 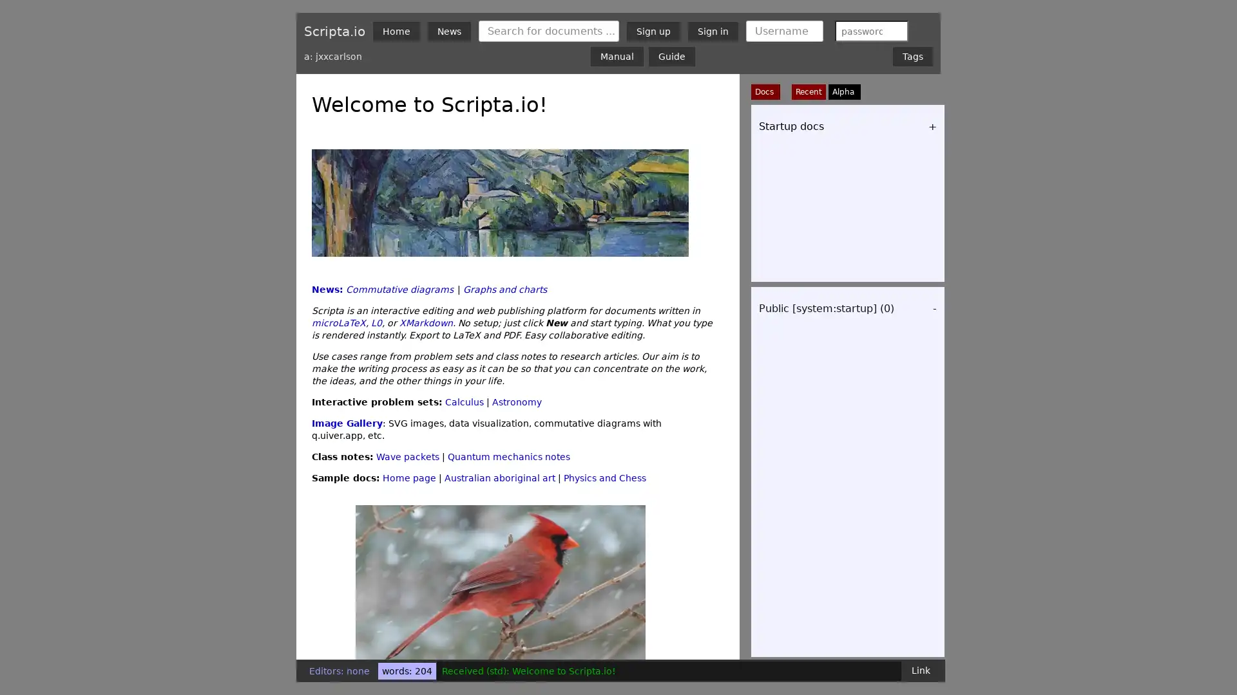 I want to click on Calculus, so click(x=464, y=401).